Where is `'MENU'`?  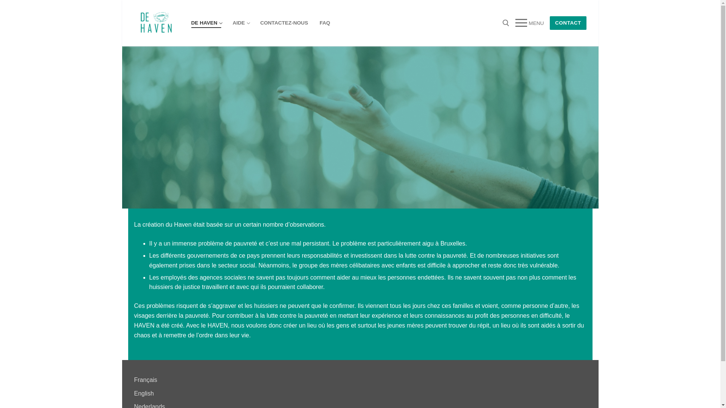 'MENU' is located at coordinates (529, 23).